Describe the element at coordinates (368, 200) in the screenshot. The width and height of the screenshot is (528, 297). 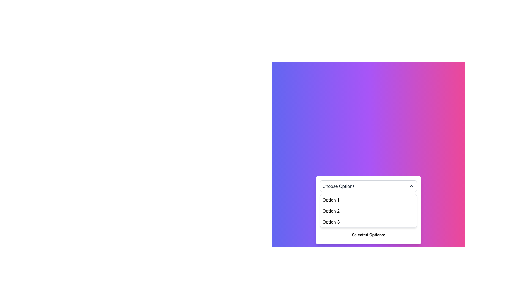
I see `the first entry of the dropdown menu` at that location.